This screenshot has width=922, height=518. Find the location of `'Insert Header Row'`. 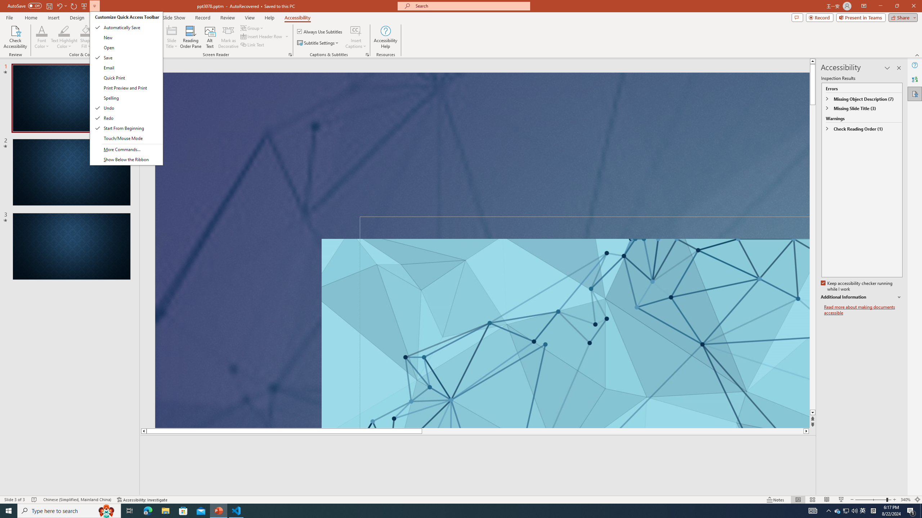

'Insert Header Row' is located at coordinates (262, 36).